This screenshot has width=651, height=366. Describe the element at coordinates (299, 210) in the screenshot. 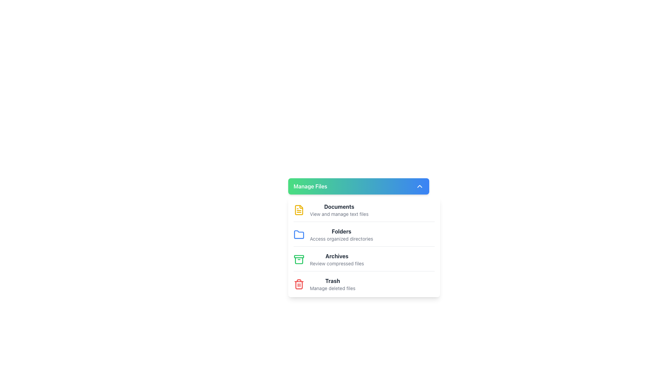

I see `the yellow file icon located in the 'Documents View and manage text files' section, positioned to the left of the text 'Documents.'` at that location.